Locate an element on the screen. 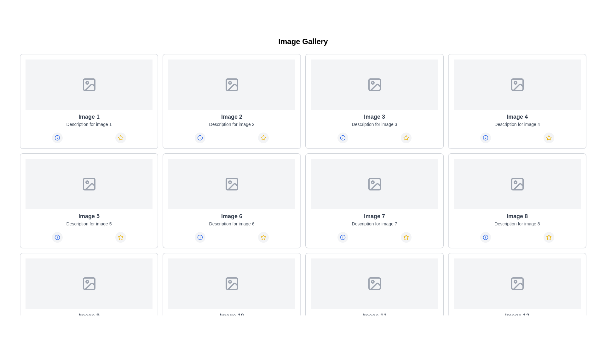 This screenshot has height=340, width=605. the image icon represented by a rounded rectangle containing a circular dot and an angled line, located in the second row and first column of the image grid is located at coordinates (89, 184).